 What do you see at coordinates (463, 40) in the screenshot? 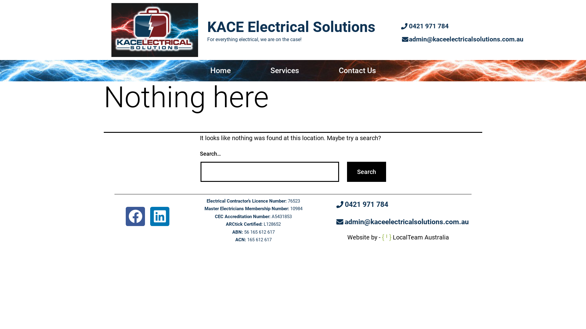
I see `'admin@kaceelectricalsolutions.com.au'` at bounding box center [463, 40].